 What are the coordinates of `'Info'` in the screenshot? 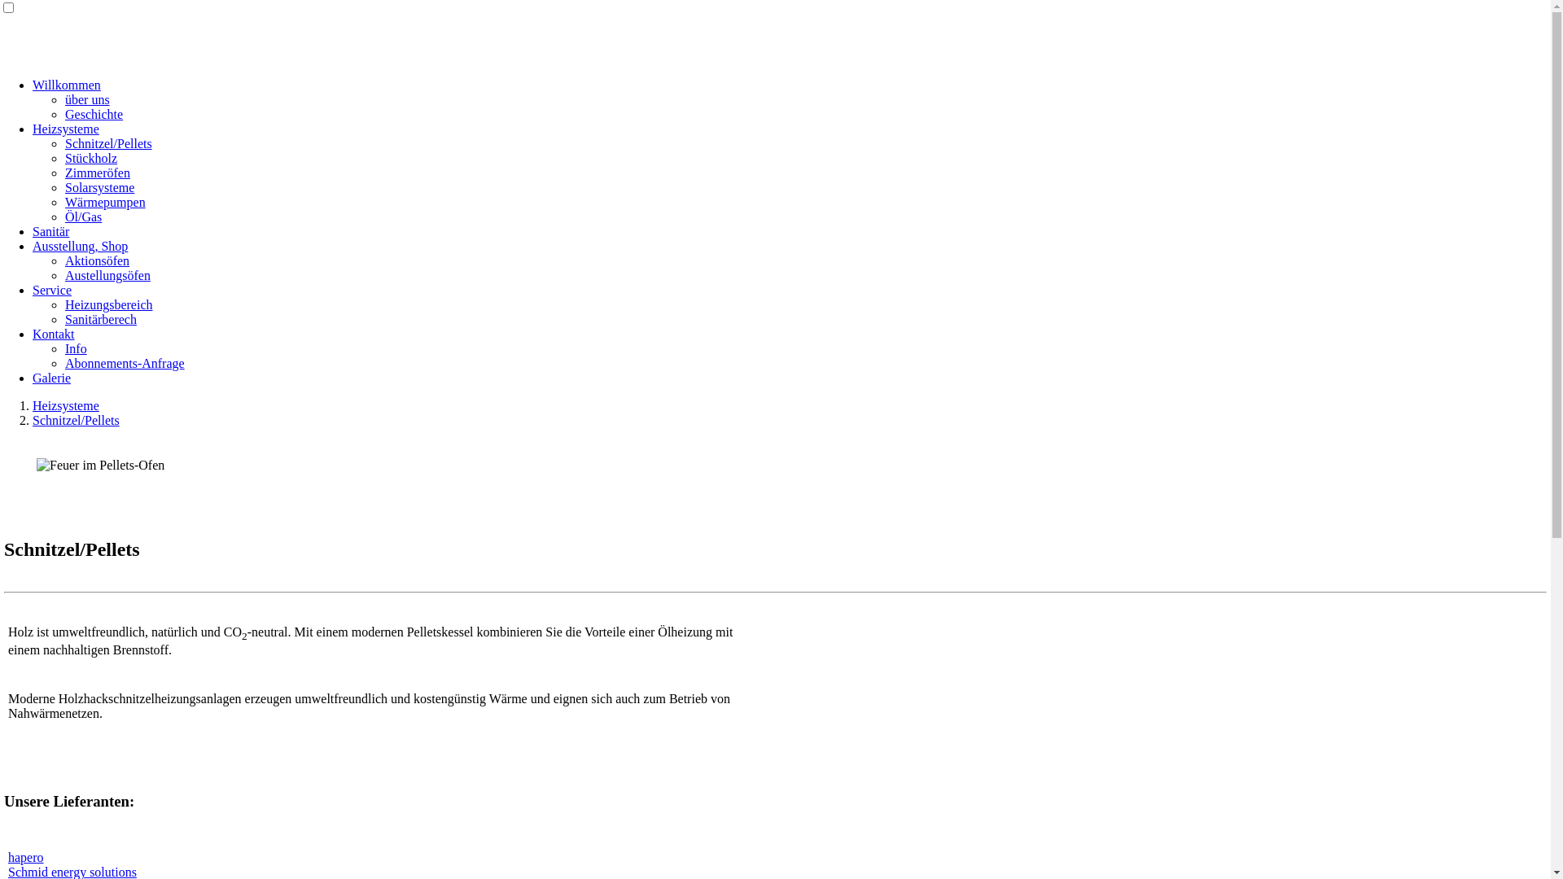 It's located at (75, 348).